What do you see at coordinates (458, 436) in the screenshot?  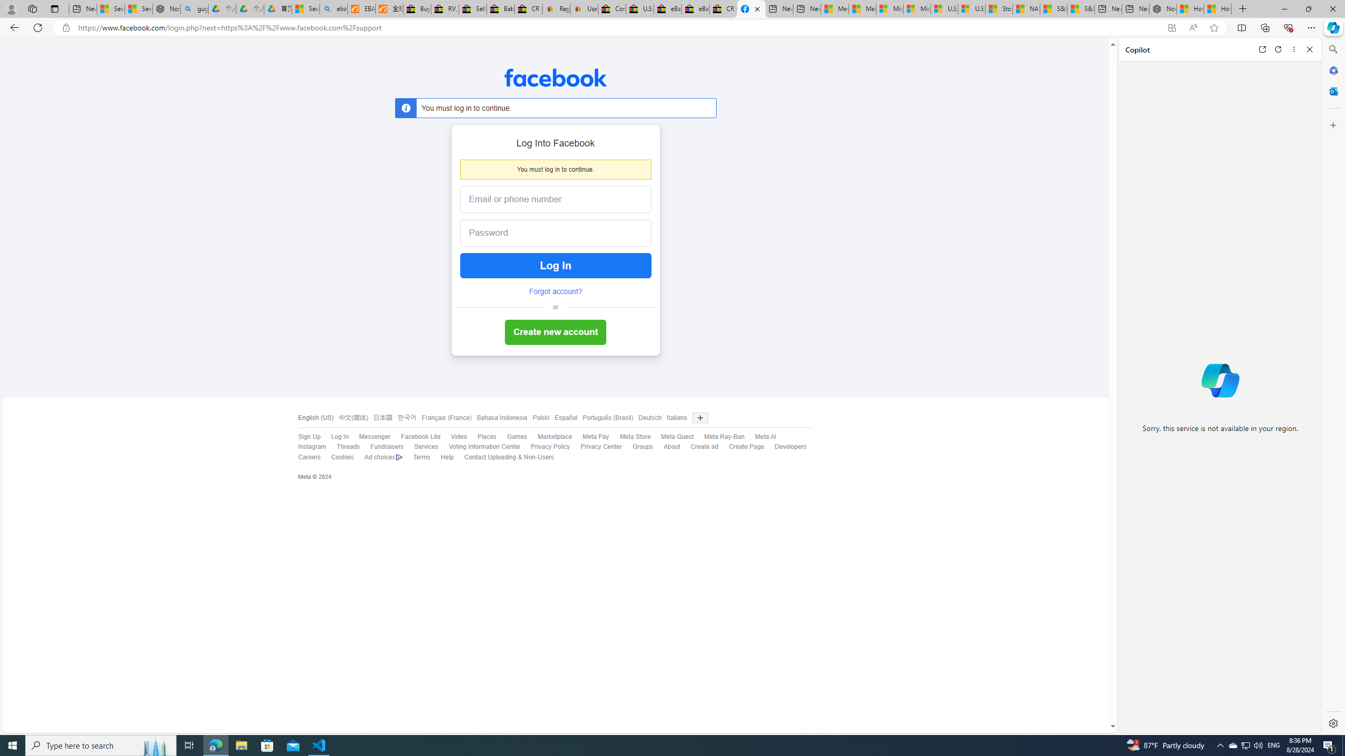 I see `'Video'` at bounding box center [458, 436].